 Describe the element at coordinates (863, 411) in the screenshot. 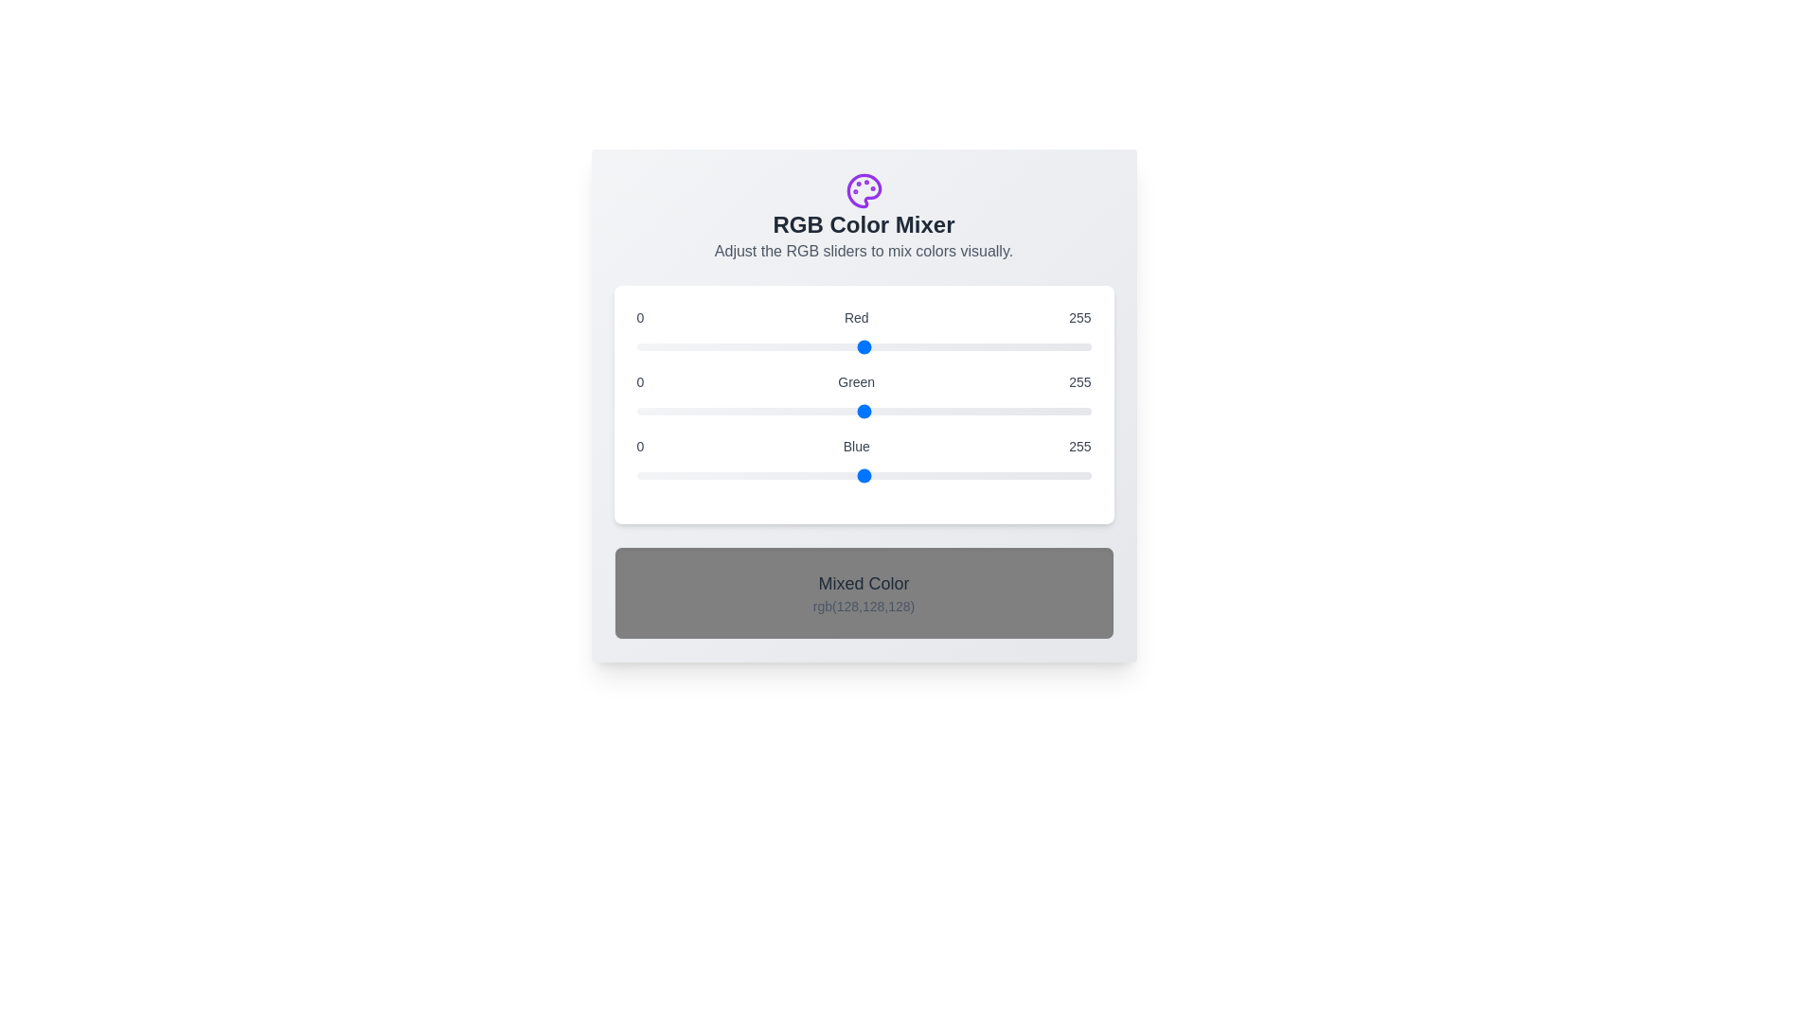

I see `the 1 slider to the value 227 to observe the resulting mixed color` at that location.